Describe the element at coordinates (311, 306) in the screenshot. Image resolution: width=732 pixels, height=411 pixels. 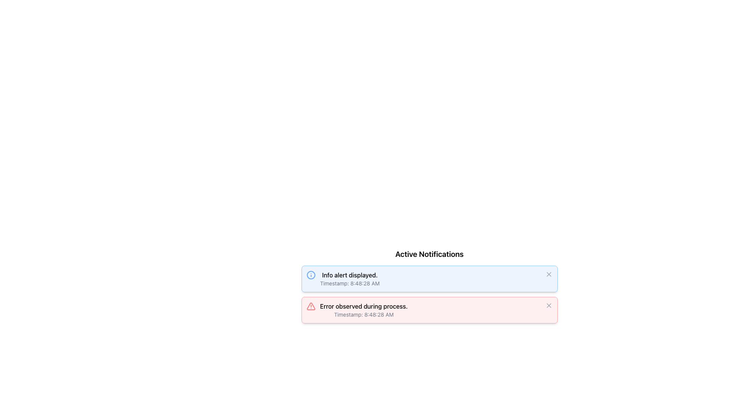
I see `the error/warning icon located to the left of the text 'Error observed during process' in the lower notification bar` at that location.